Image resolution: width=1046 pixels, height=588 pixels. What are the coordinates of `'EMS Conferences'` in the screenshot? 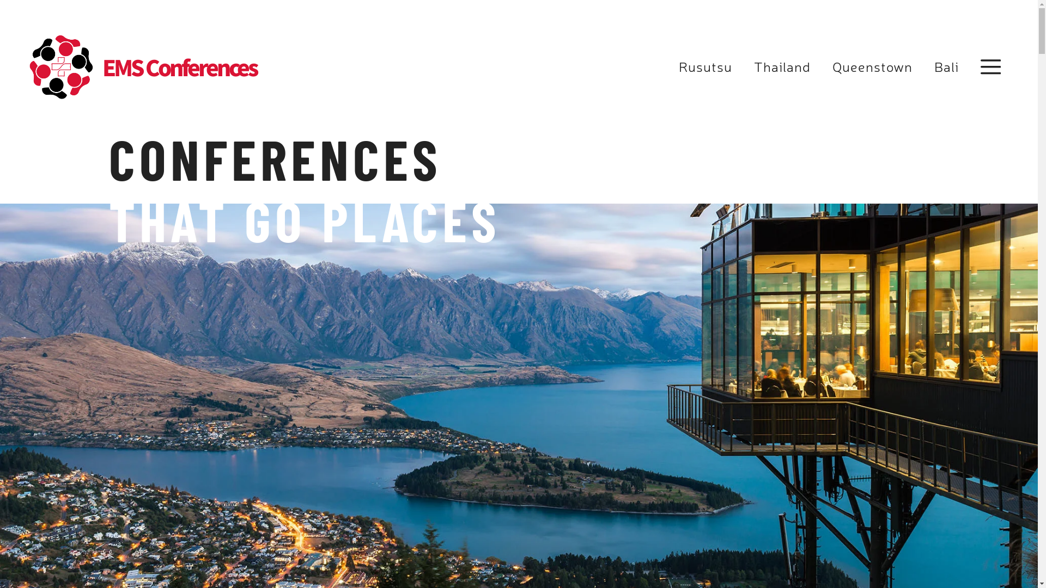 It's located at (102, 67).